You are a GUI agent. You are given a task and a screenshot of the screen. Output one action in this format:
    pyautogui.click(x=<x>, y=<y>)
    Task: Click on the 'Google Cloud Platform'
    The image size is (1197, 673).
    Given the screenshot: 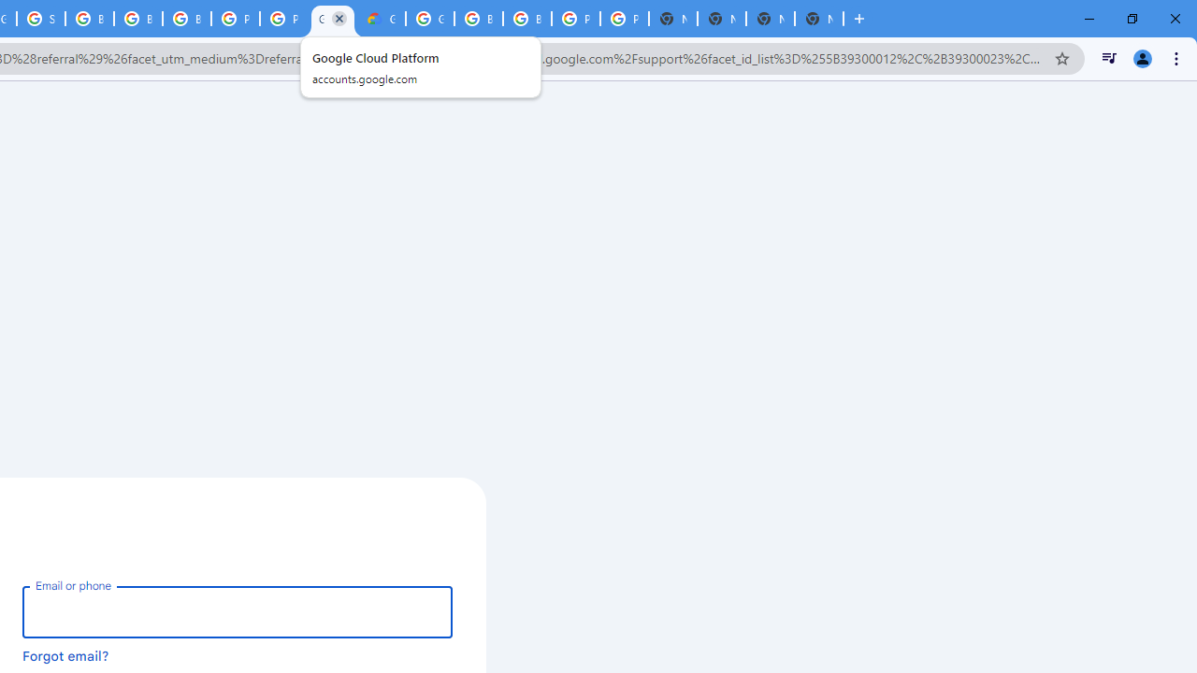 What is the action you would take?
    pyautogui.click(x=332, y=19)
    